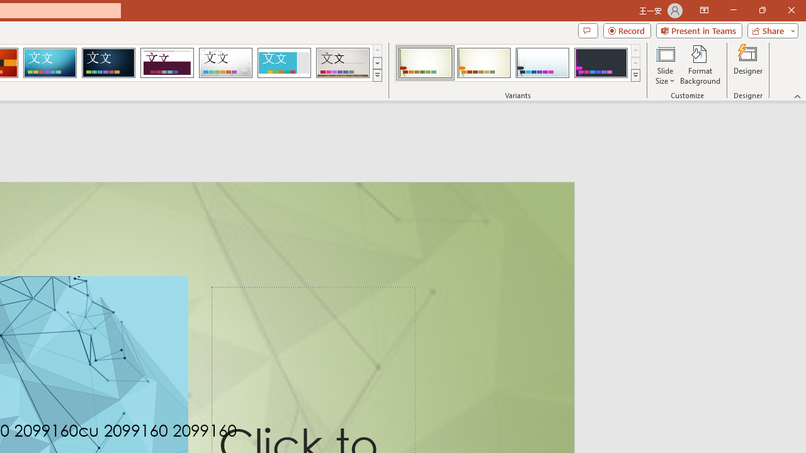 The height and width of the screenshot is (453, 806). I want to click on 'Wisp Variant 3', so click(542, 63).